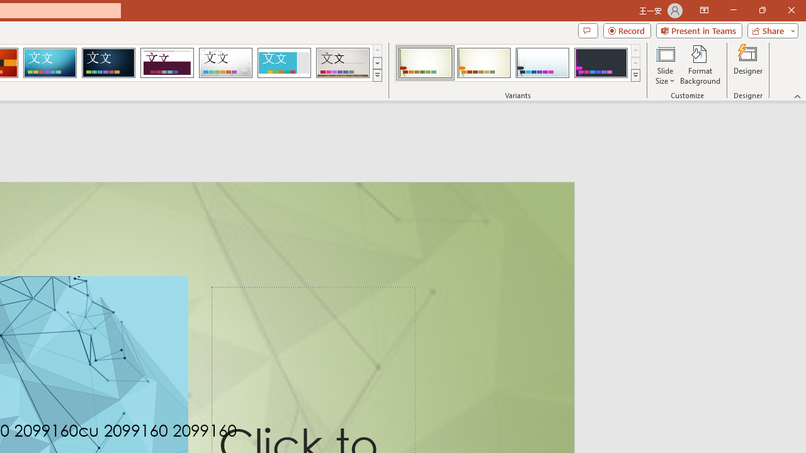 The height and width of the screenshot is (453, 806). I want to click on 'Wisp Variant 3', so click(542, 63).